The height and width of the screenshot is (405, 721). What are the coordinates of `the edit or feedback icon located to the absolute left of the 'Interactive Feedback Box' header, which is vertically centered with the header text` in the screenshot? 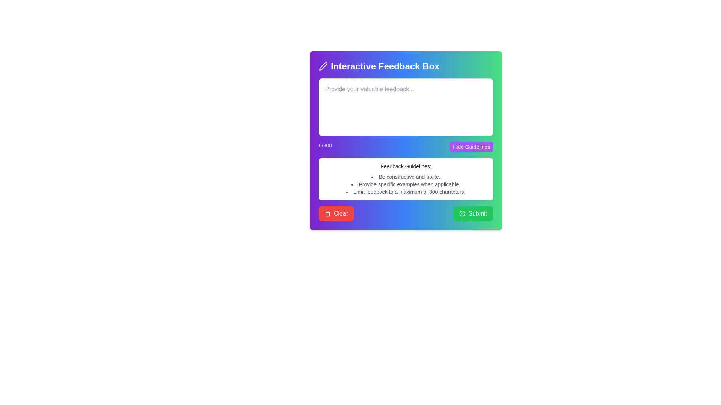 It's located at (323, 66).